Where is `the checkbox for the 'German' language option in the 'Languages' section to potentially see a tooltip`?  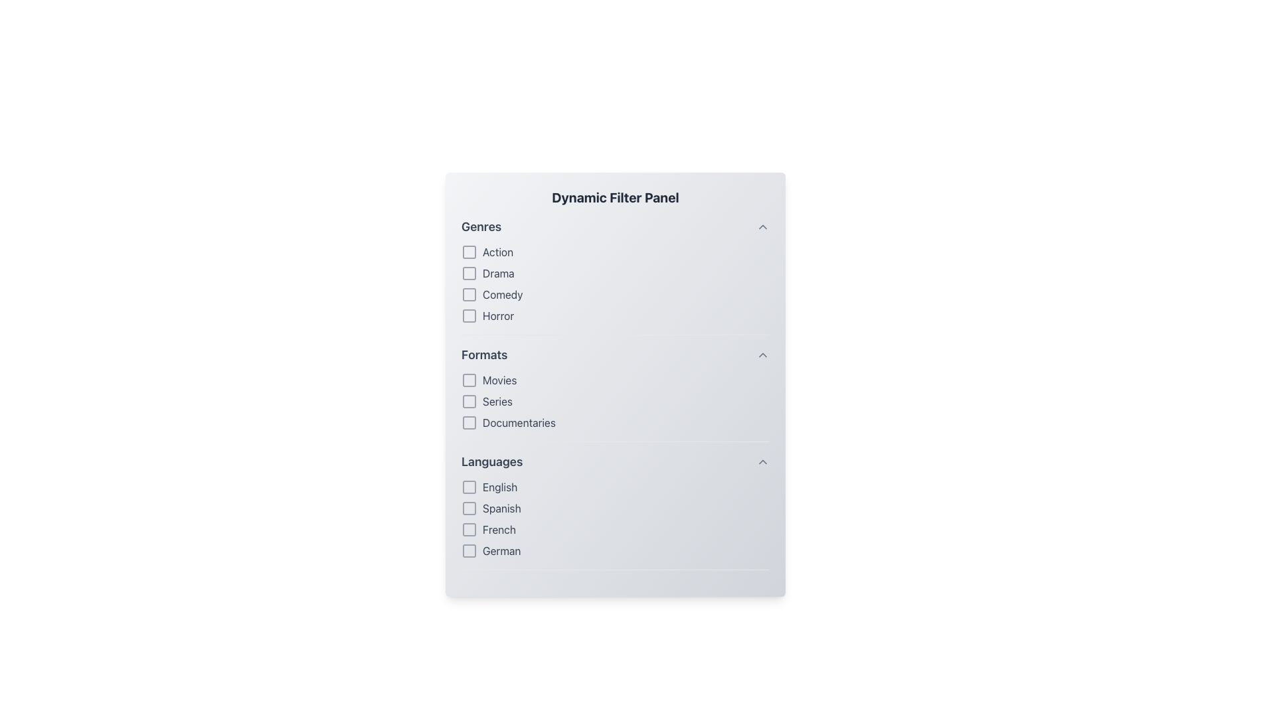
the checkbox for the 'German' language option in the 'Languages' section to potentially see a tooltip is located at coordinates (469, 550).